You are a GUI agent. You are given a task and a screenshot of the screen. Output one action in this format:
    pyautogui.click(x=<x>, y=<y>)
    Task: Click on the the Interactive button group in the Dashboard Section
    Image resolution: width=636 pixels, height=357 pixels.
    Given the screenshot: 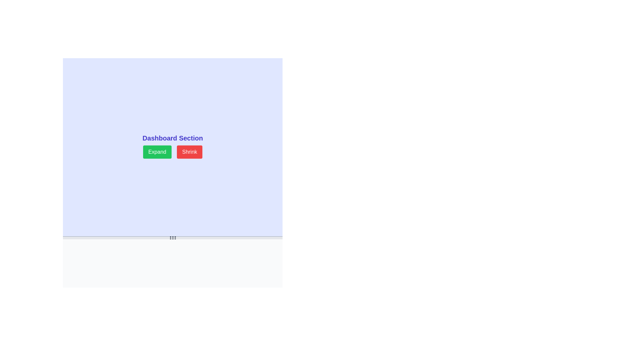 What is the action you would take?
    pyautogui.click(x=173, y=152)
    